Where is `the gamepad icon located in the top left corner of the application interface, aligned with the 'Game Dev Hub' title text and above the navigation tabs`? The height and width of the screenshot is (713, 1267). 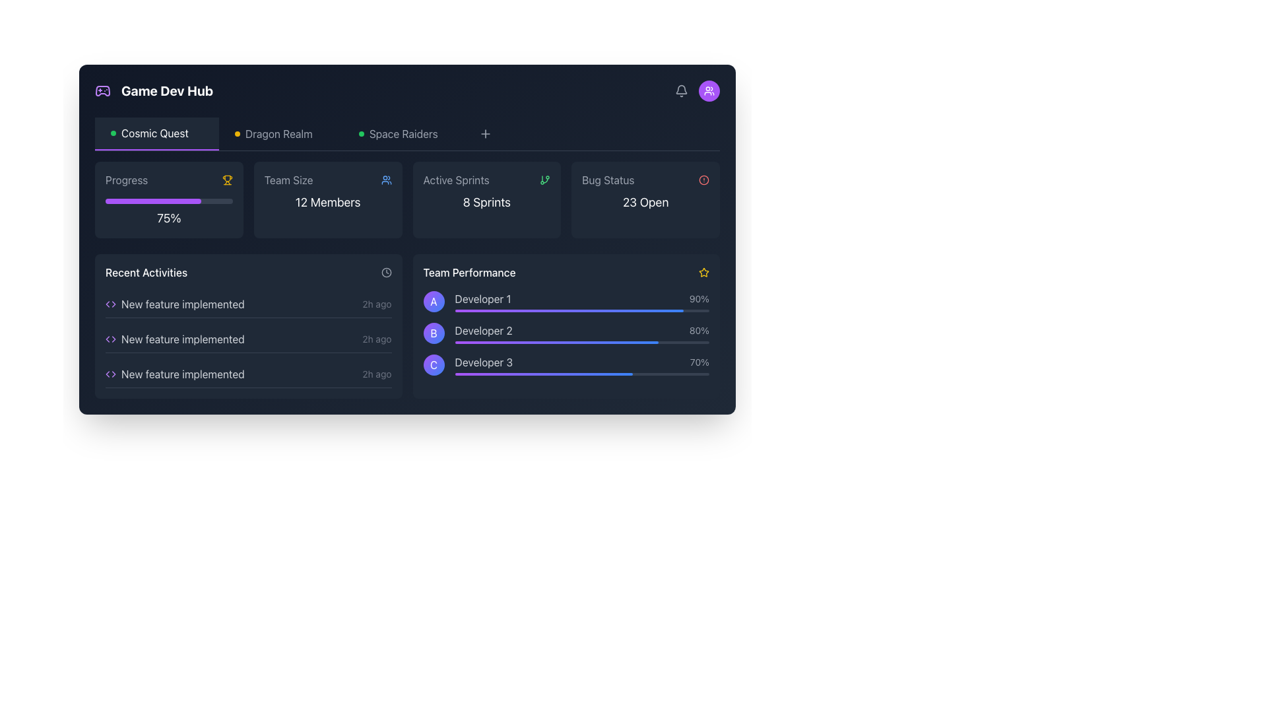
the gamepad icon located in the top left corner of the application interface, aligned with the 'Game Dev Hub' title text and above the navigation tabs is located at coordinates (102, 90).